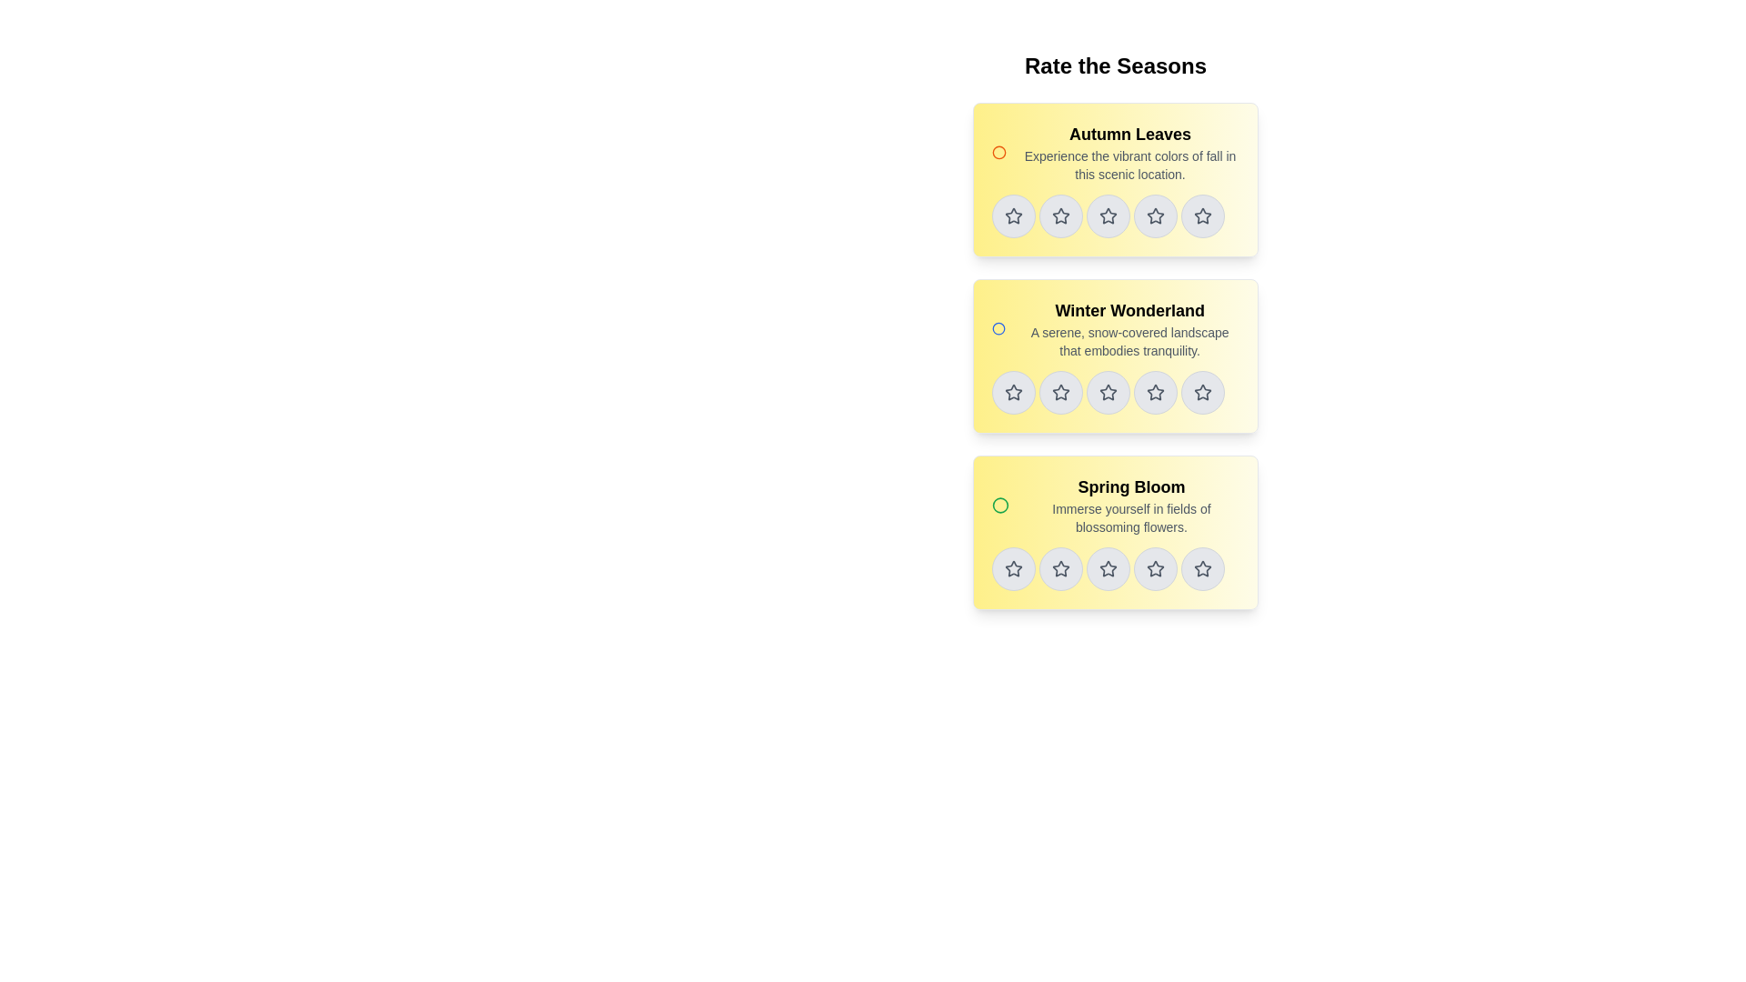  I want to click on the first star rating icon for the 'Spring Bloom' section, so click(1012, 567).